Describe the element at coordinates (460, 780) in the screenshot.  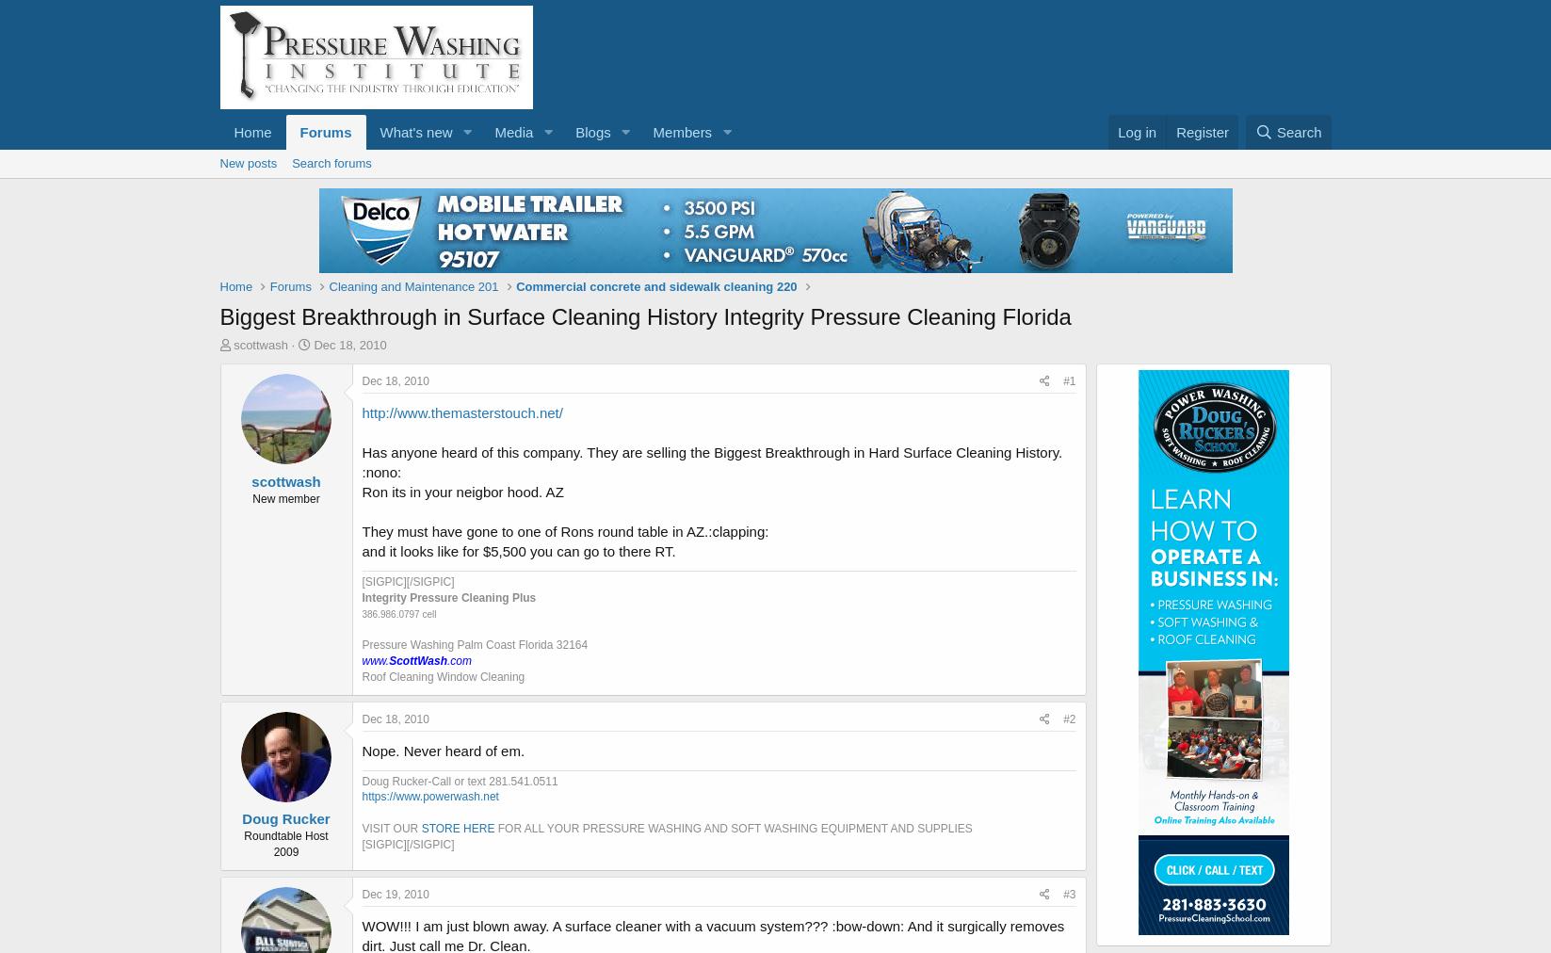
I see `'Doug Rucker-Call or text 281.541.0511'` at that location.